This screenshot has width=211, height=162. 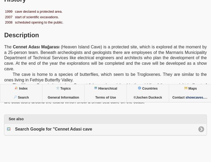 I want to click on 'Maps', so click(x=188, y=88).